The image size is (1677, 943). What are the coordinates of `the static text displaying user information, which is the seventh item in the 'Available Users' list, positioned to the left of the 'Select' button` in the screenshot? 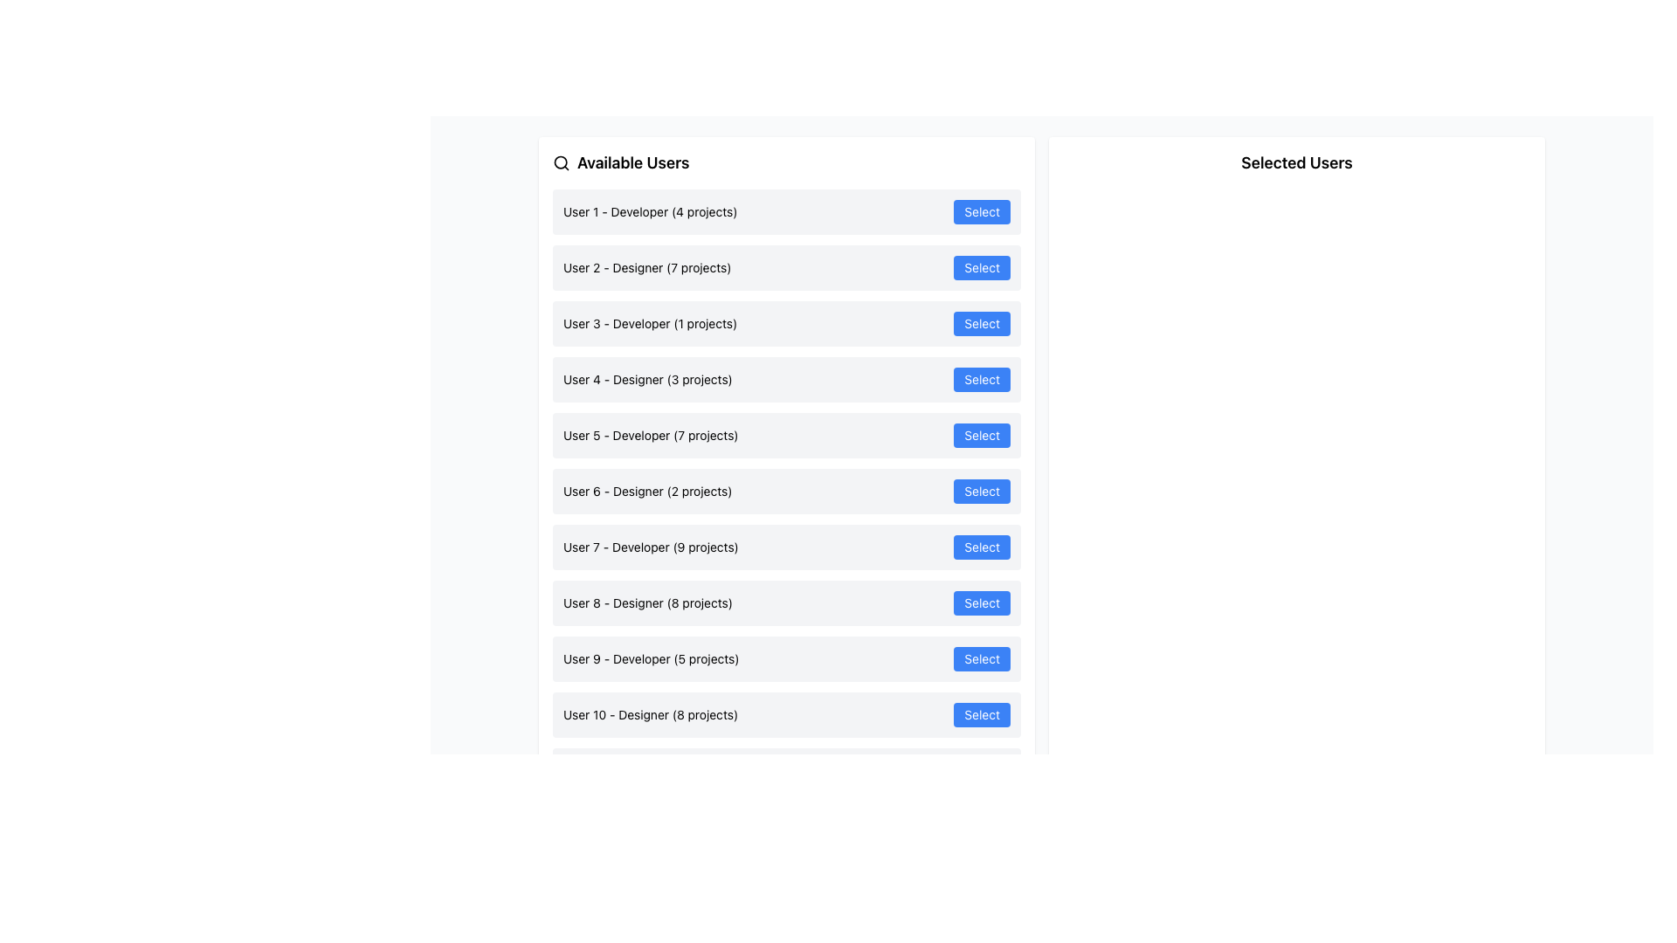 It's located at (650, 547).